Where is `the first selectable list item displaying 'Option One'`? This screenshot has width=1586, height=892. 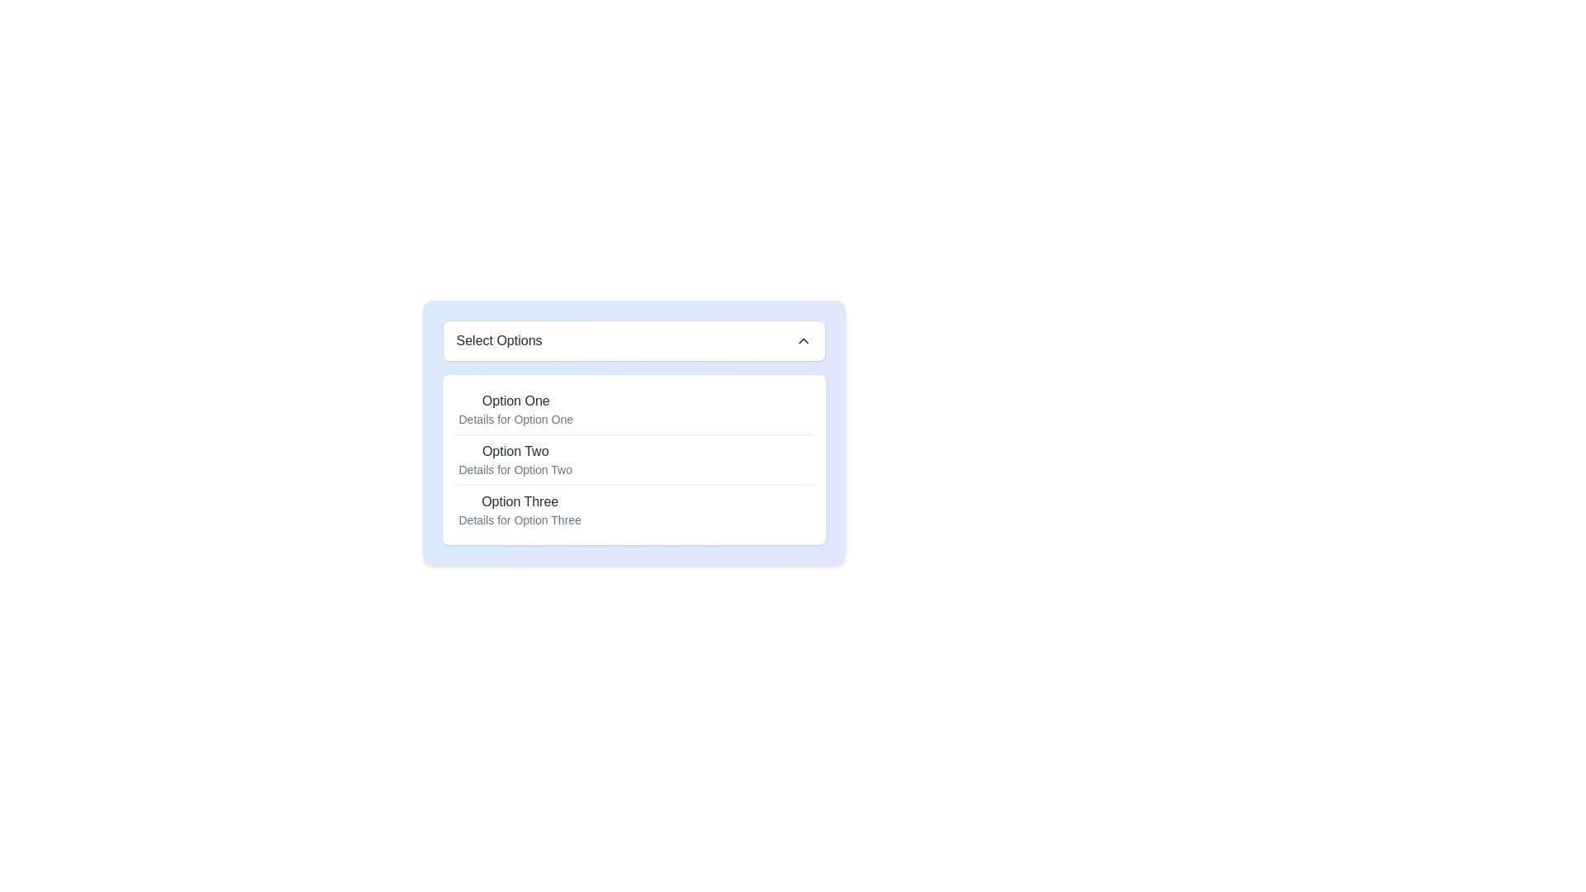
the first selectable list item displaying 'Option One' is located at coordinates (633, 409).